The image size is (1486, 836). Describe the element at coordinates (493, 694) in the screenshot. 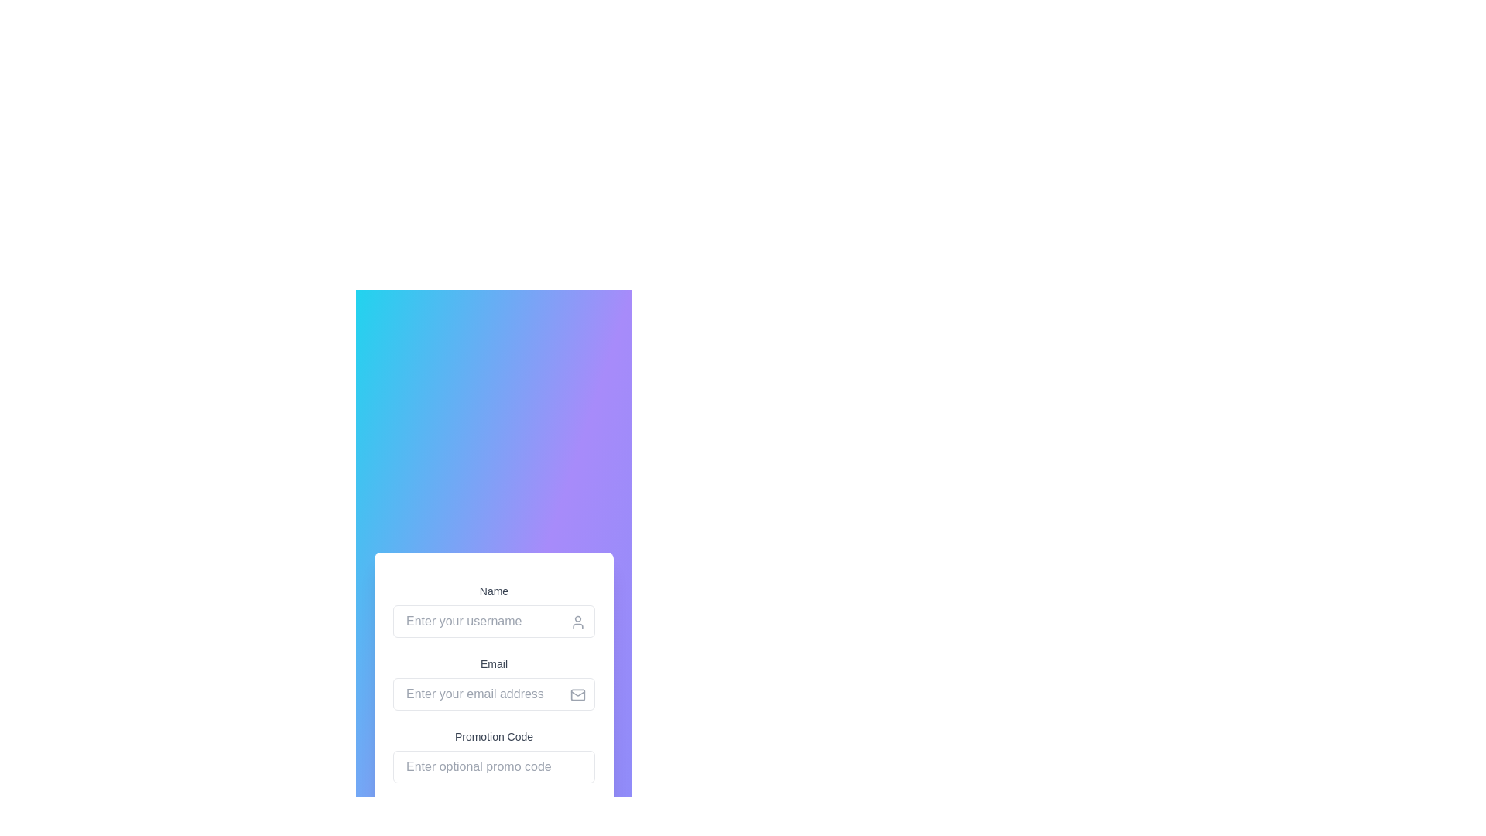

I see `the email input field, which is styled with a rounded border and has the placeholder text 'Enter your email address', to focus on it` at that location.